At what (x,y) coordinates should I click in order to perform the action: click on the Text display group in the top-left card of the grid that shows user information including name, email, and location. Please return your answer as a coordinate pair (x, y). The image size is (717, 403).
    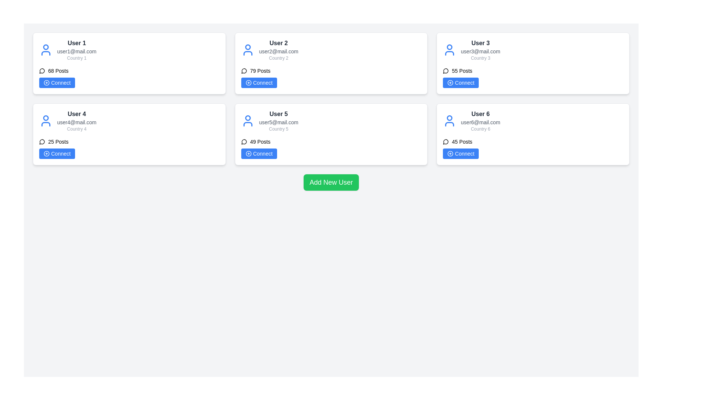
    Looking at the image, I should click on (77, 50).